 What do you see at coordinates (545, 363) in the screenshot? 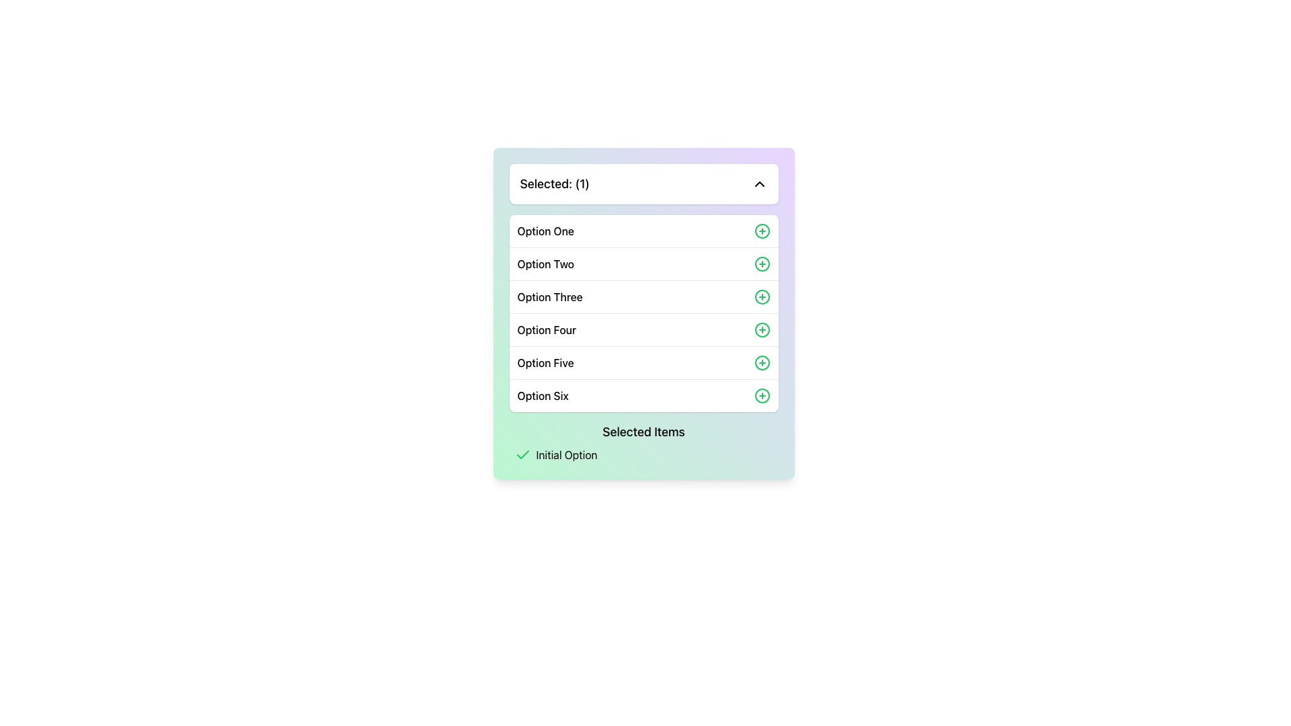
I see `the bolded text label reading 'Option Five', which is the fifth option in the dropdown list labeled 'Selected: (1)', positioned between 'Option Four' and 'Option Six'` at bounding box center [545, 363].